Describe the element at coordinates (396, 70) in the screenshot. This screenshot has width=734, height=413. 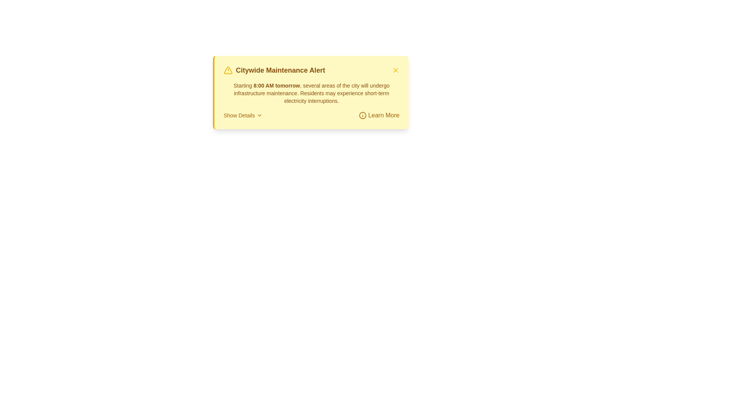
I see `the 'X' icon in the top-right corner of the yellow alert box` at that location.